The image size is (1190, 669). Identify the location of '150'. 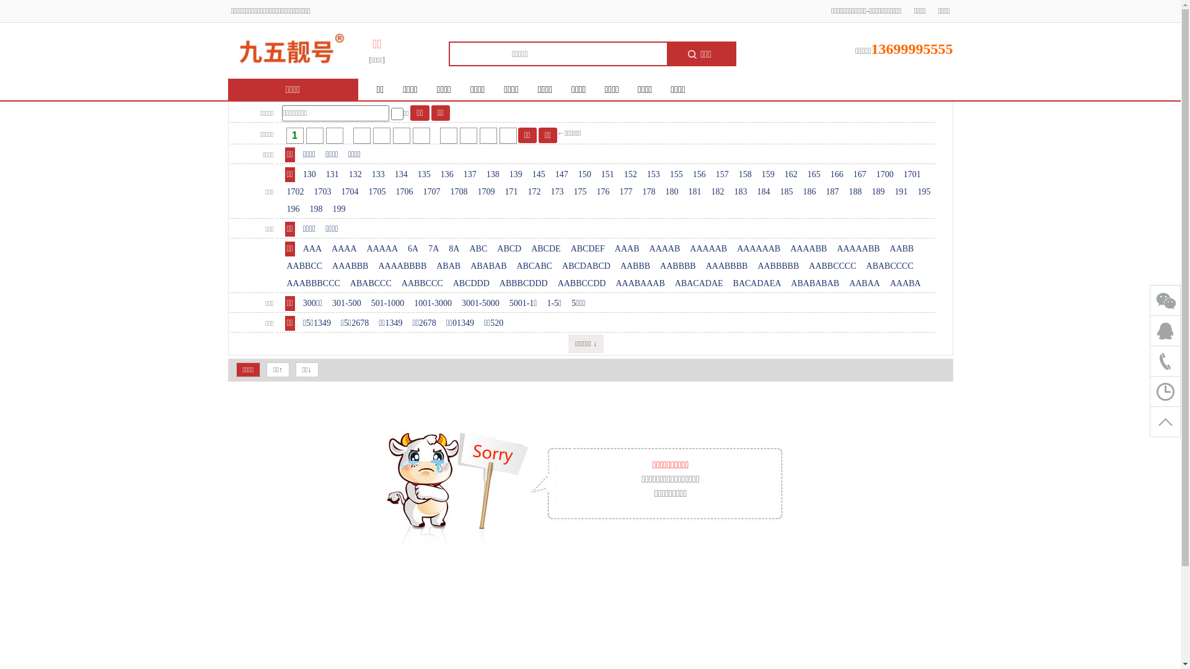
(584, 174).